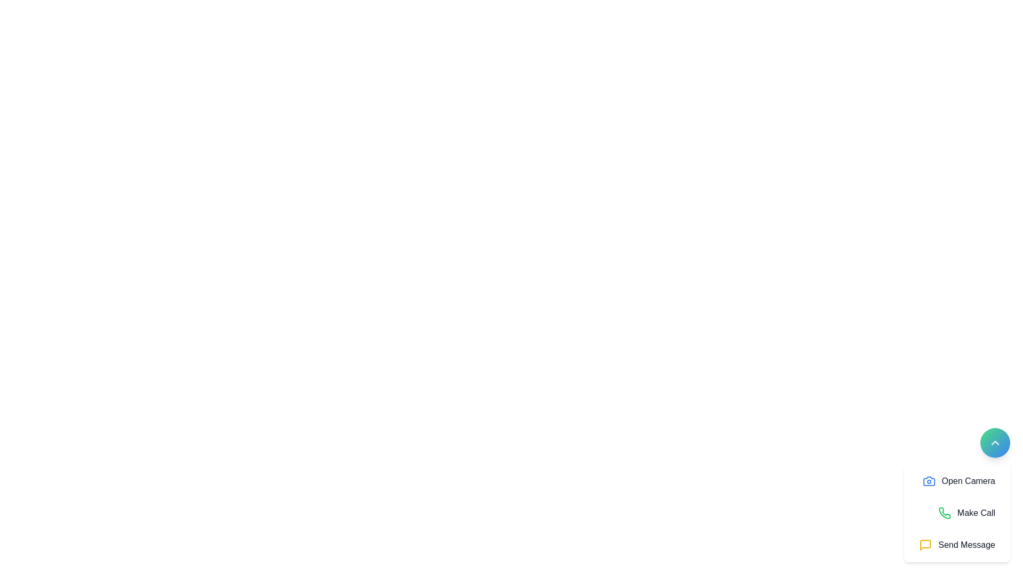 The width and height of the screenshot is (1023, 575). What do you see at coordinates (944, 513) in the screenshot?
I see `the green phone icon in the floating menu at the bottom-right corner of the interface to initiate a phone call` at bounding box center [944, 513].